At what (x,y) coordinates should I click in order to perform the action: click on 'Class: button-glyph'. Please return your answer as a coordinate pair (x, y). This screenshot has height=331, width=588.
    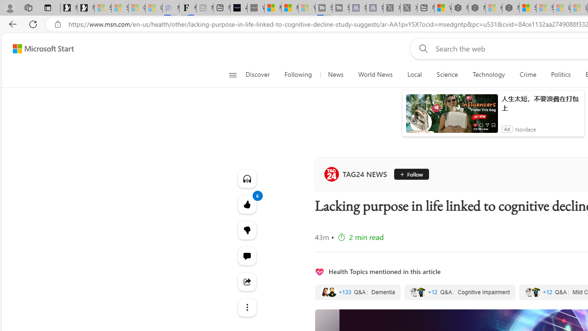
    Looking at the image, I should click on (232, 74).